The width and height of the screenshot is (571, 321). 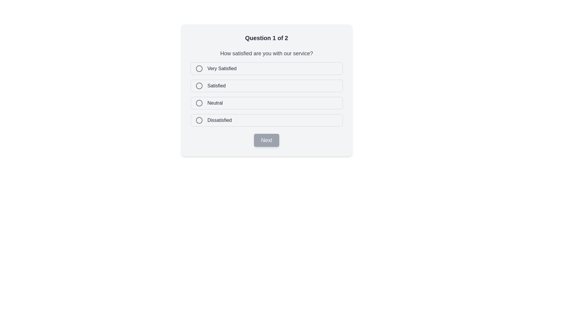 What do you see at coordinates (199, 86) in the screenshot?
I see `the hollow gray circle element of the second radio button labeled 'Satisfied'` at bounding box center [199, 86].